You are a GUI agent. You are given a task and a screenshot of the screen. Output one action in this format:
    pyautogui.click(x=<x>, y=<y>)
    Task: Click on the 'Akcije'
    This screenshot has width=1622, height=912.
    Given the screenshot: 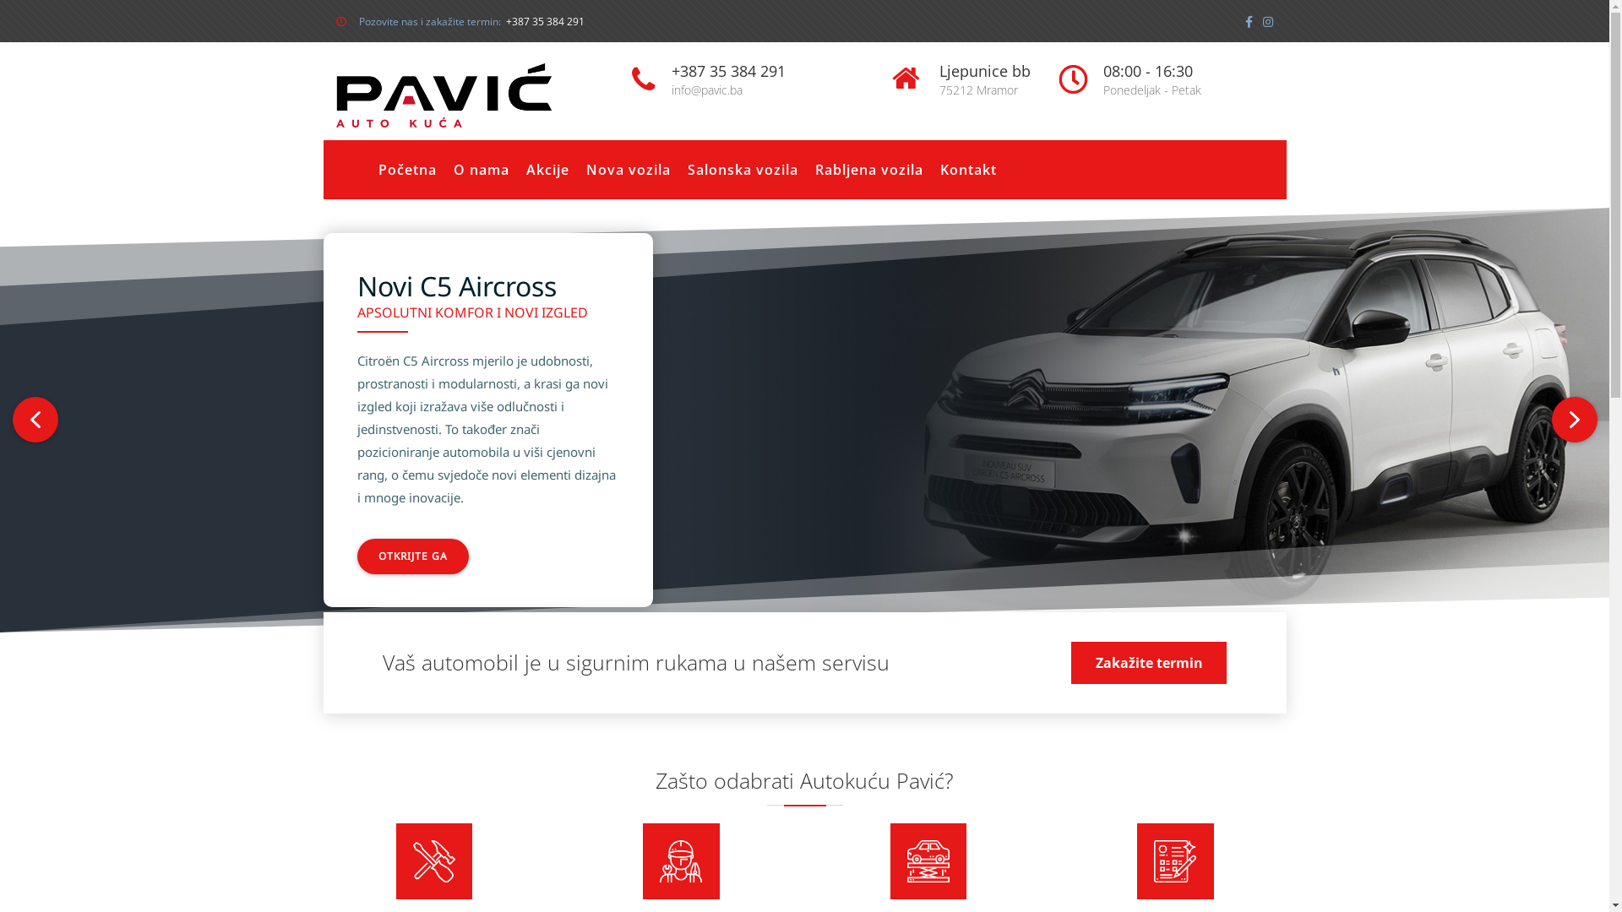 What is the action you would take?
    pyautogui.click(x=515, y=169)
    